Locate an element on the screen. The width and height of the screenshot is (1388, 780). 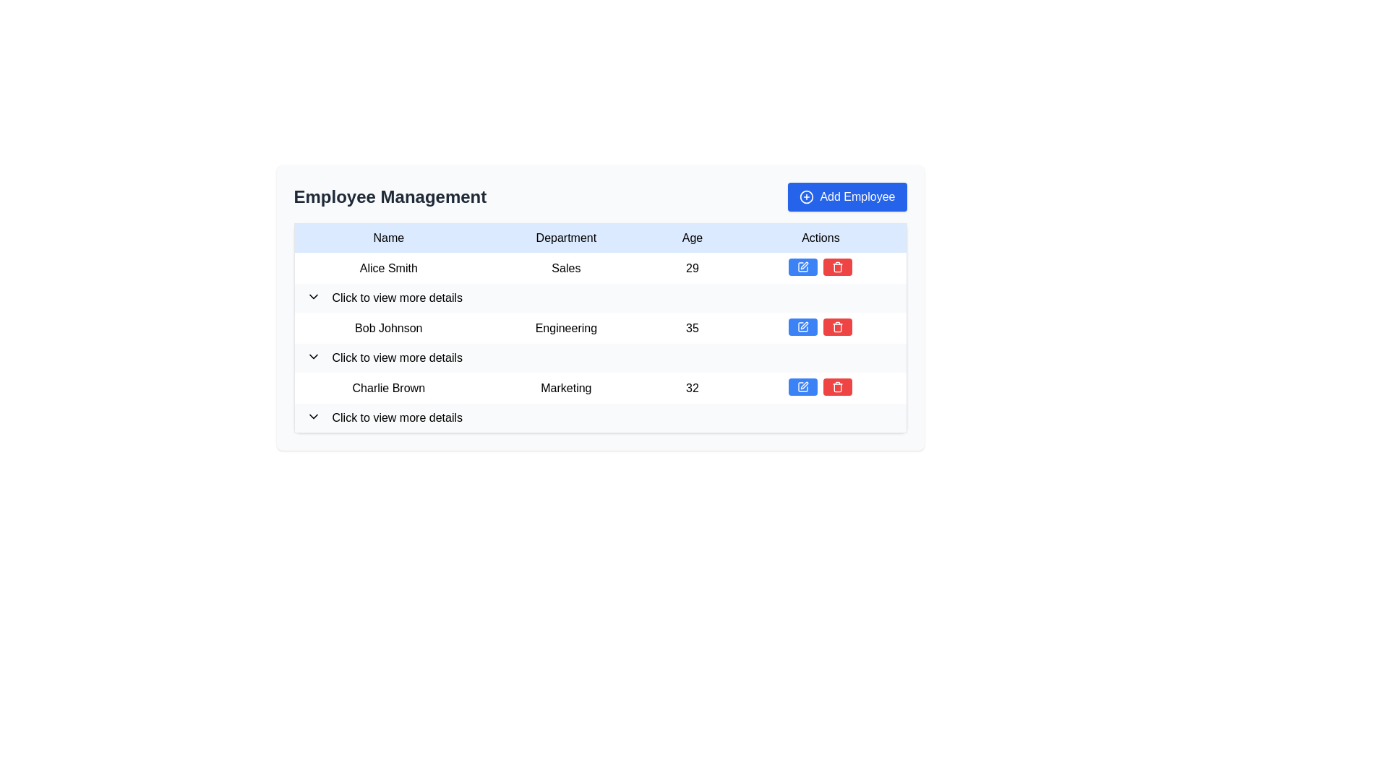
the edit icon in the Actions column of the first employee row for Alice Smith is located at coordinates (804, 265).